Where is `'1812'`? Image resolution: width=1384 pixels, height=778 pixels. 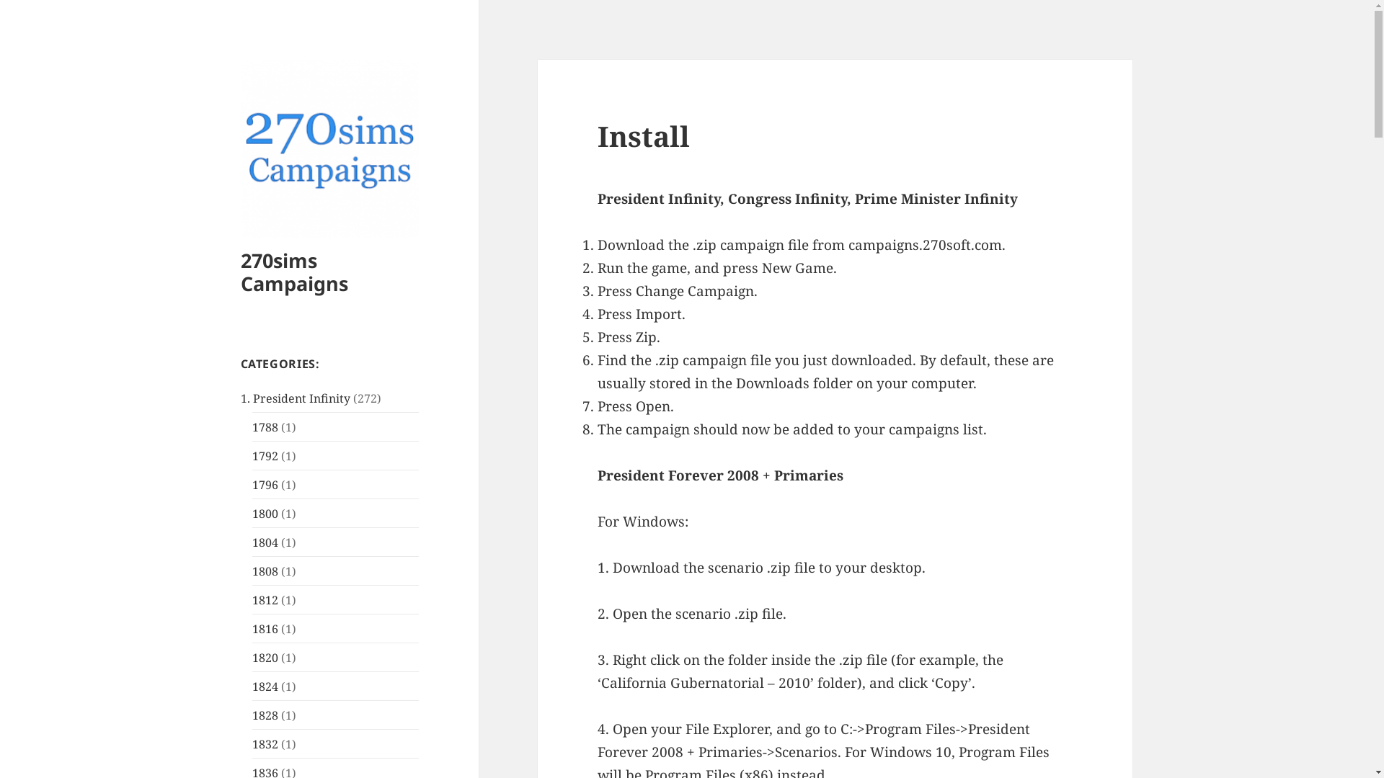
'1812' is located at coordinates (265, 600).